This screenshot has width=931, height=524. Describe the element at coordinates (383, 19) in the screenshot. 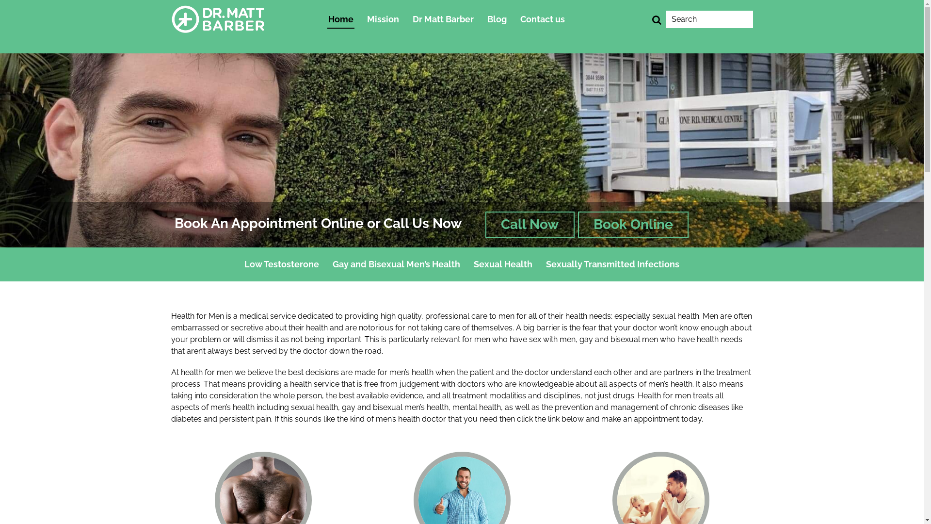

I see `'Mission'` at that location.